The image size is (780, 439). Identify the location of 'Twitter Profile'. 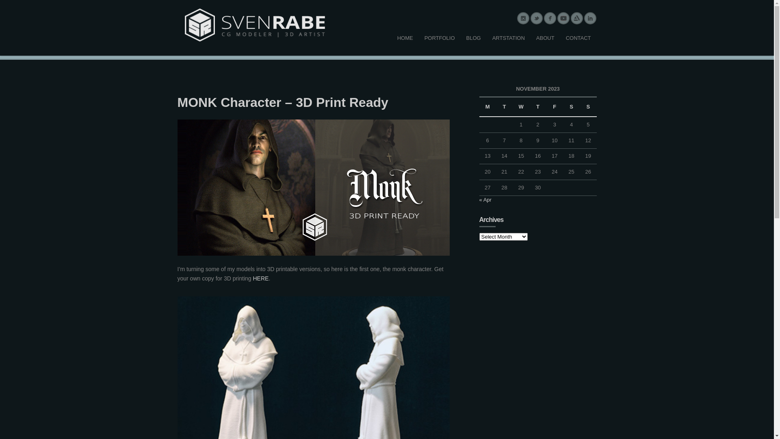
(536, 18).